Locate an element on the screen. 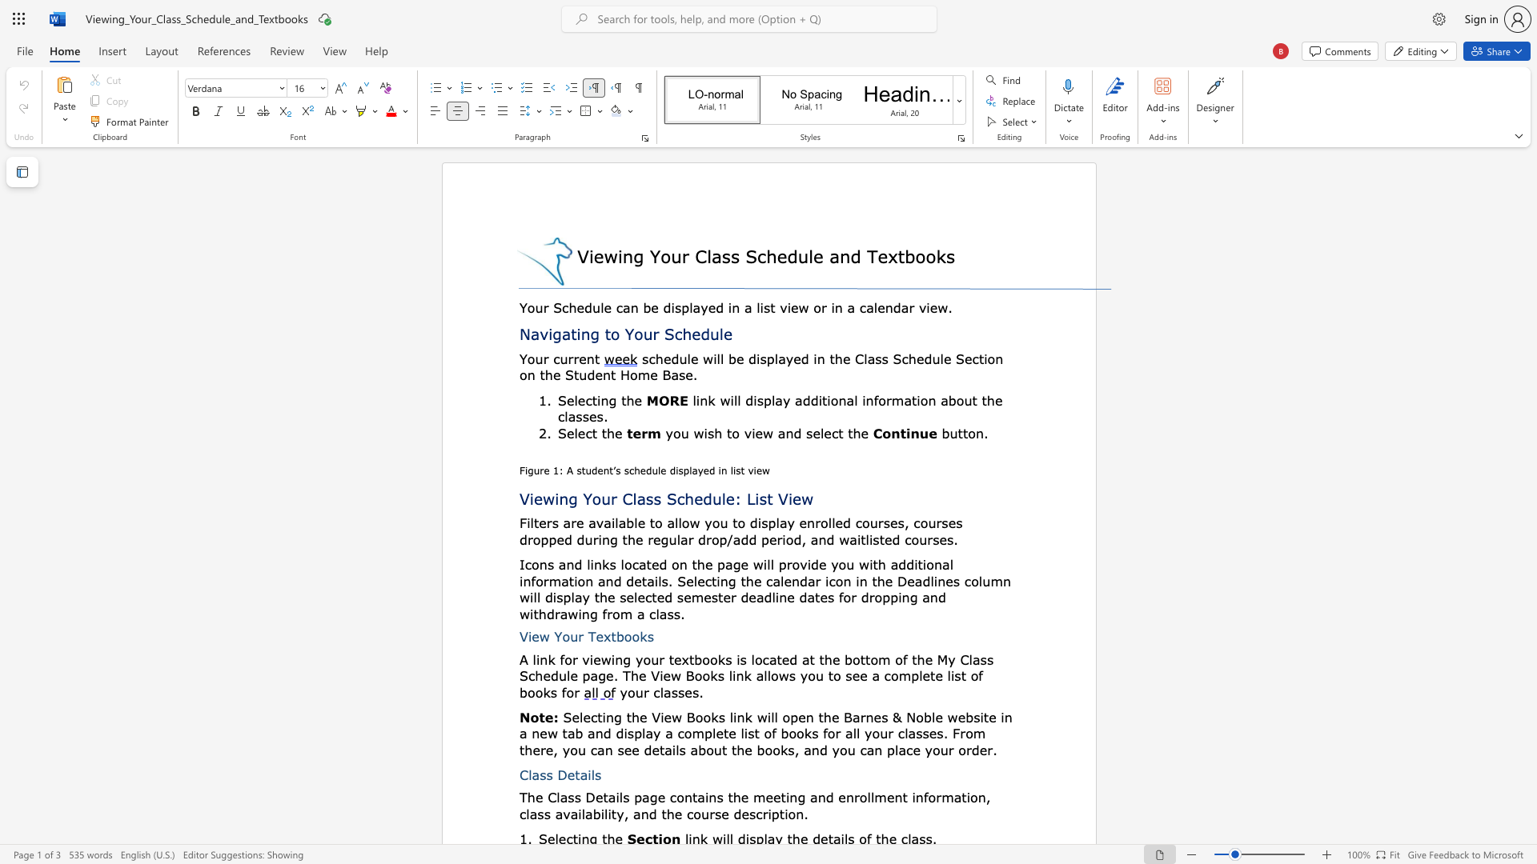 The image size is (1537, 864). the subset text "Selecting th" within the text "Selecting the" is located at coordinates (557, 399).